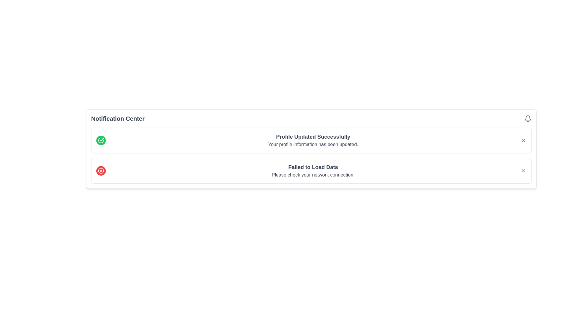  Describe the element at coordinates (313, 167) in the screenshot. I see `text from the notification center that states 'Failed to Load Data', which is styled with bold and larger font to emphasize its importance` at that location.